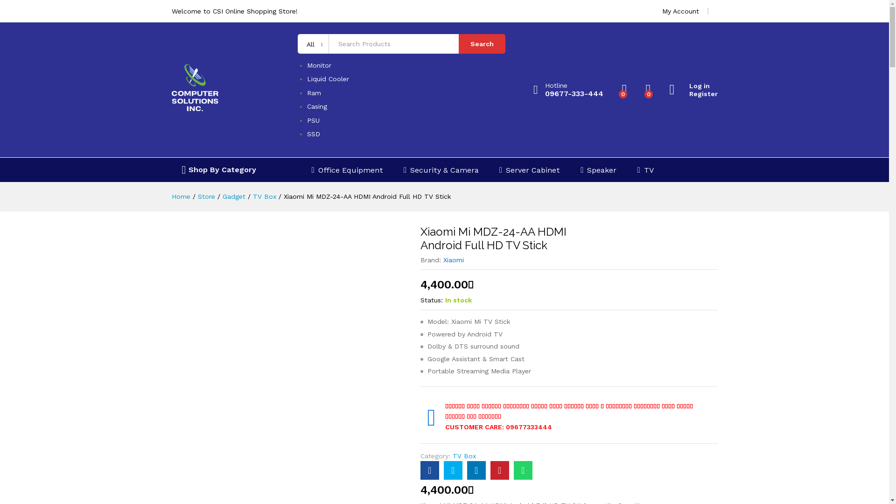 Image resolution: width=896 pixels, height=504 pixels. What do you see at coordinates (693, 94) in the screenshot?
I see `'Register'` at bounding box center [693, 94].